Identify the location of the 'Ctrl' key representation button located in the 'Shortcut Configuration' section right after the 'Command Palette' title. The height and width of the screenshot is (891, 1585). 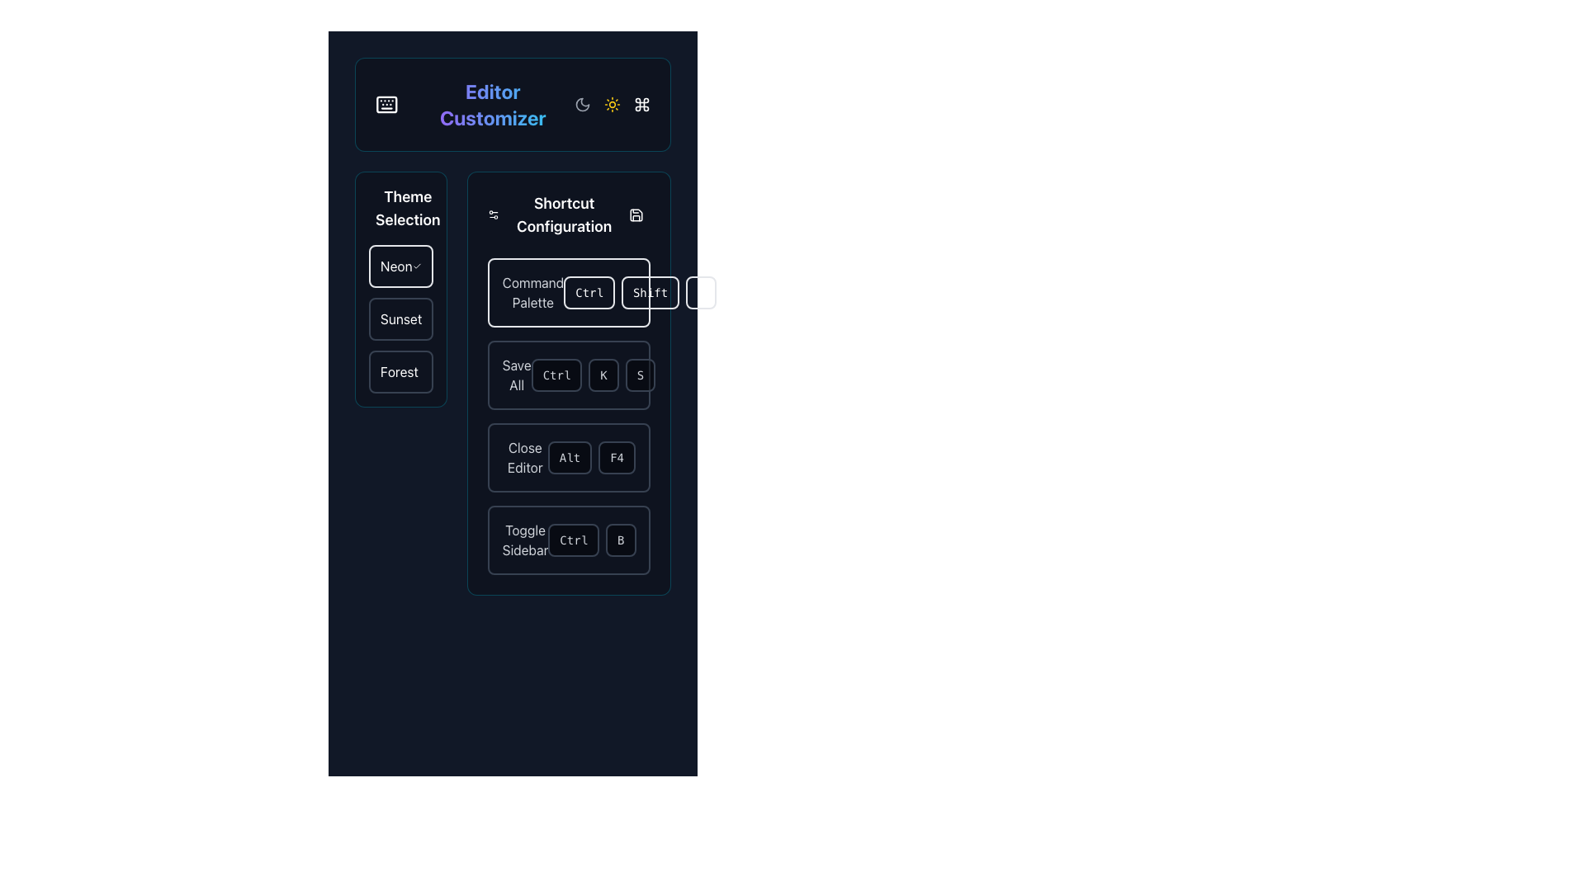
(569, 291).